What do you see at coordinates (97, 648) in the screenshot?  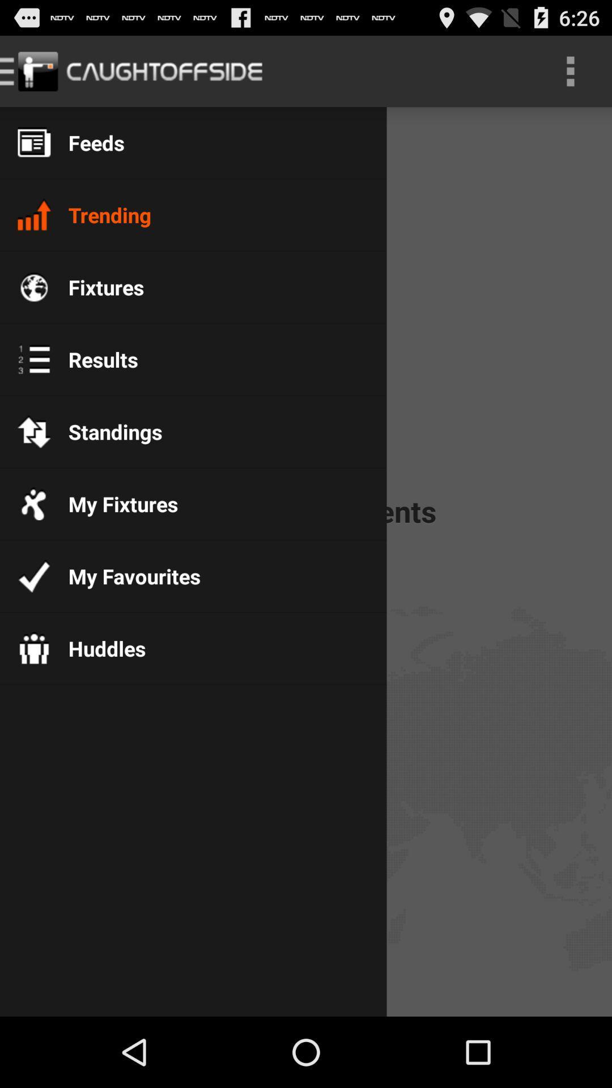 I see `the huddles item` at bounding box center [97, 648].